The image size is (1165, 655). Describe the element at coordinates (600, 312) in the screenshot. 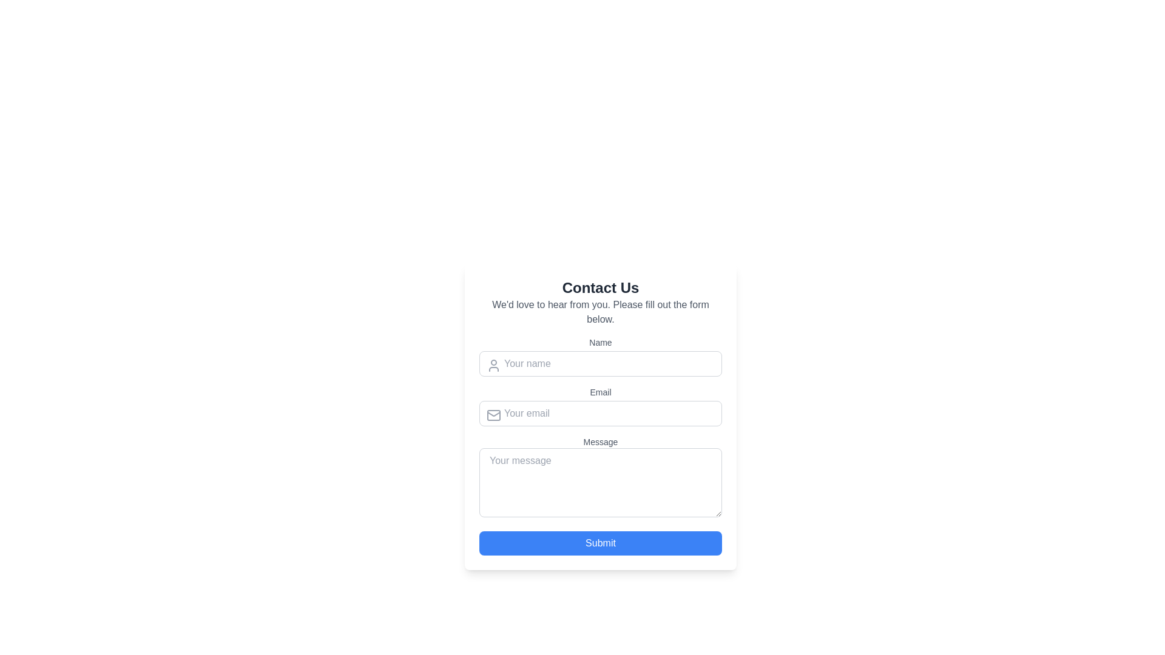

I see `the informational text block located directly beneath the 'Contact Us' heading, which guides the user on filling out the form` at that location.